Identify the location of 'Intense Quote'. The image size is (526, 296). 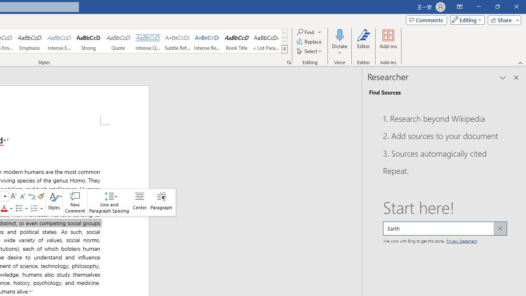
(148, 41).